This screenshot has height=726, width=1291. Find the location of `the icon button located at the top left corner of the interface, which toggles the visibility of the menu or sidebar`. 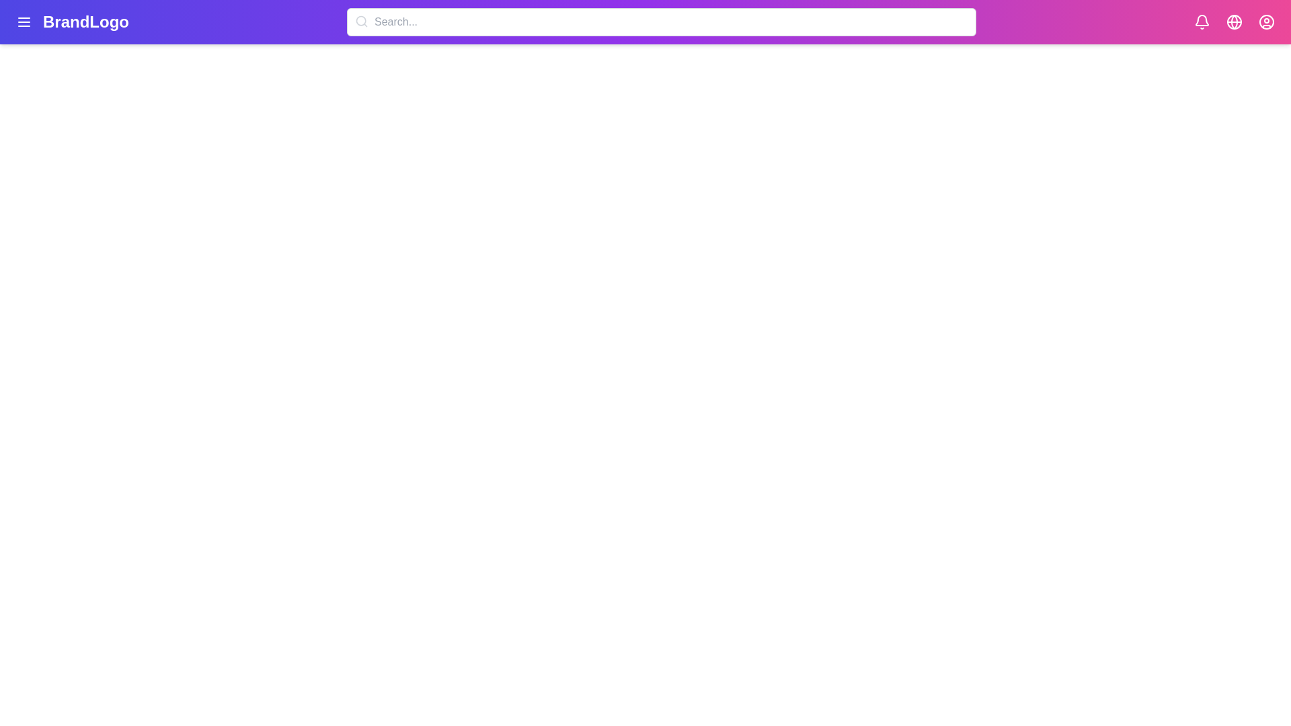

the icon button located at the top left corner of the interface, which toggles the visibility of the menu or sidebar is located at coordinates (24, 22).